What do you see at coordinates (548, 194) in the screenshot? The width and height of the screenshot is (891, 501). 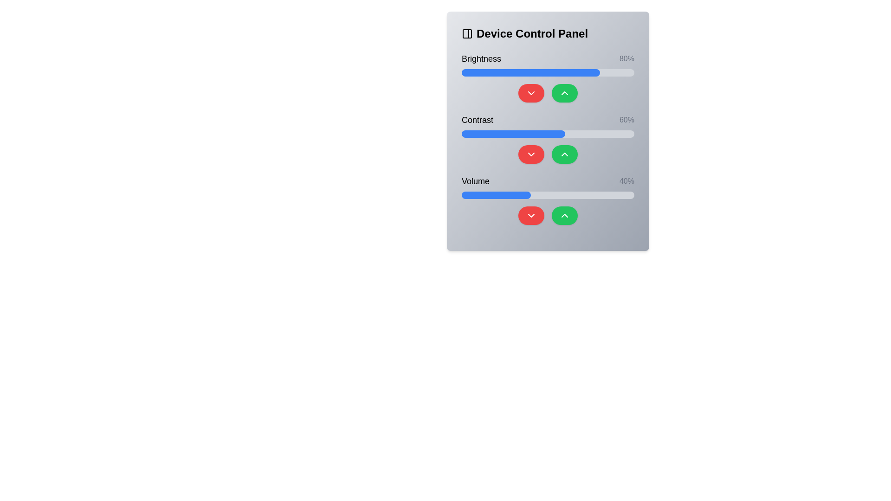 I see `the progress bar indicating volume level, which is a horizontal, rounded rectangle with a gray background and a blue-filled section representing 40% of its width, located below the text 'Volume'` at bounding box center [548, 194].